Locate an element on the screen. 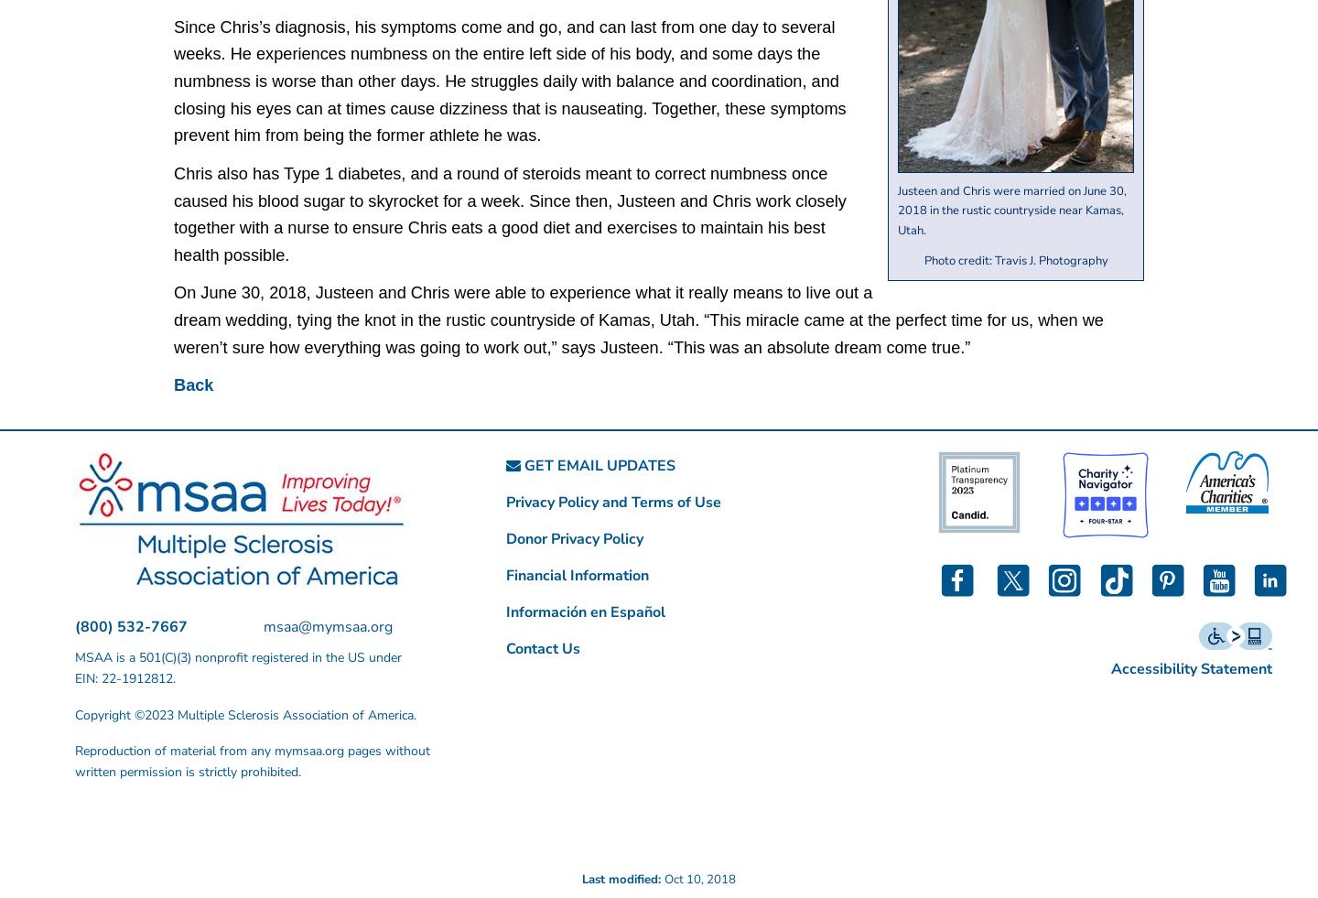  'Información en Español' is located at coordinates (584, 612).